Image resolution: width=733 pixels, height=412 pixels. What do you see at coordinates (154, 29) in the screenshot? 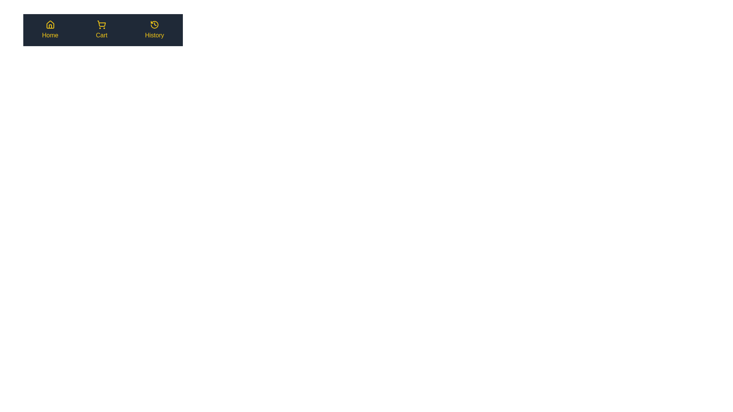
I see `the navigation option History by clicking the corresponding button` at bounding box center [154, 29].